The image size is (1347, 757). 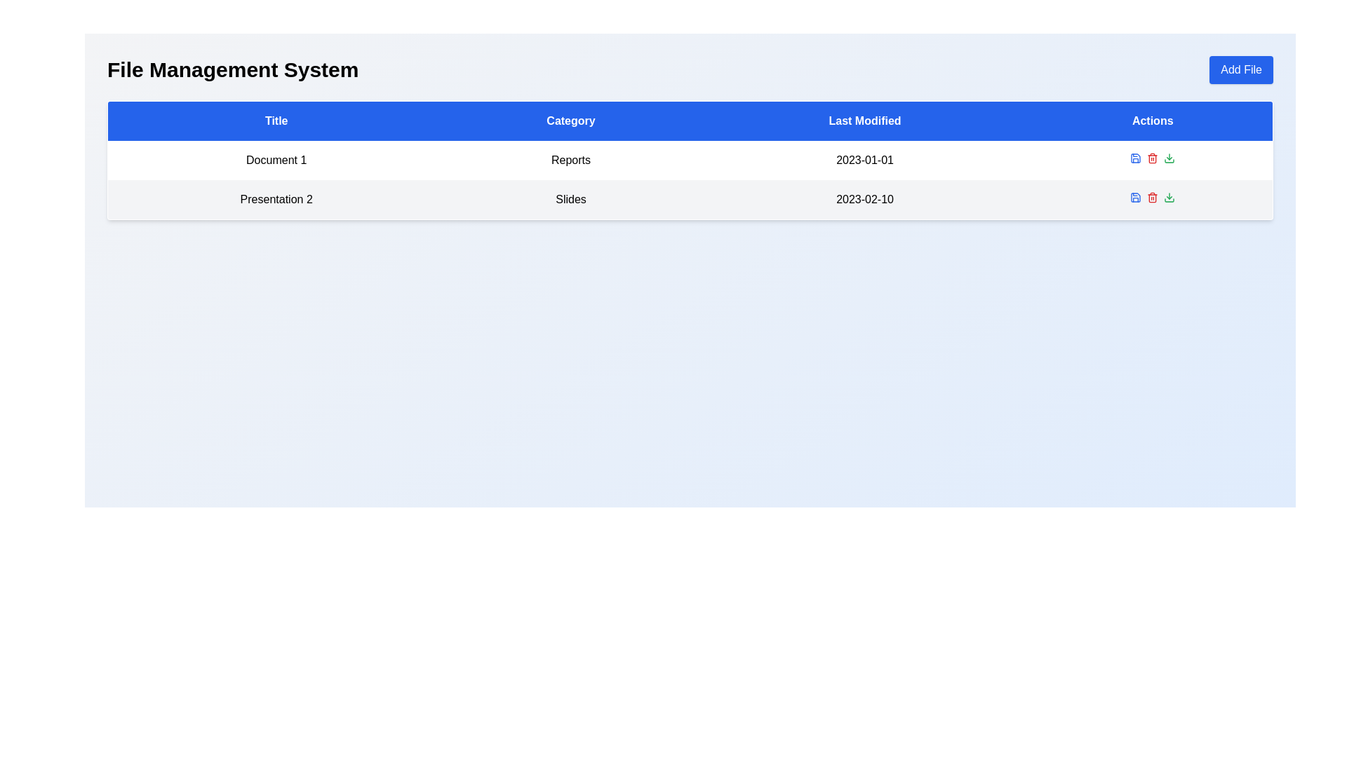 What do you see at coordinates (1153, 120) in the screenshot?
I see `the 'Actions' text label in the table header, which has a blue background and is aligned with other headers such as 'Title', 'Category', and 'Last Modified'` at bounding box center [1153, 120].